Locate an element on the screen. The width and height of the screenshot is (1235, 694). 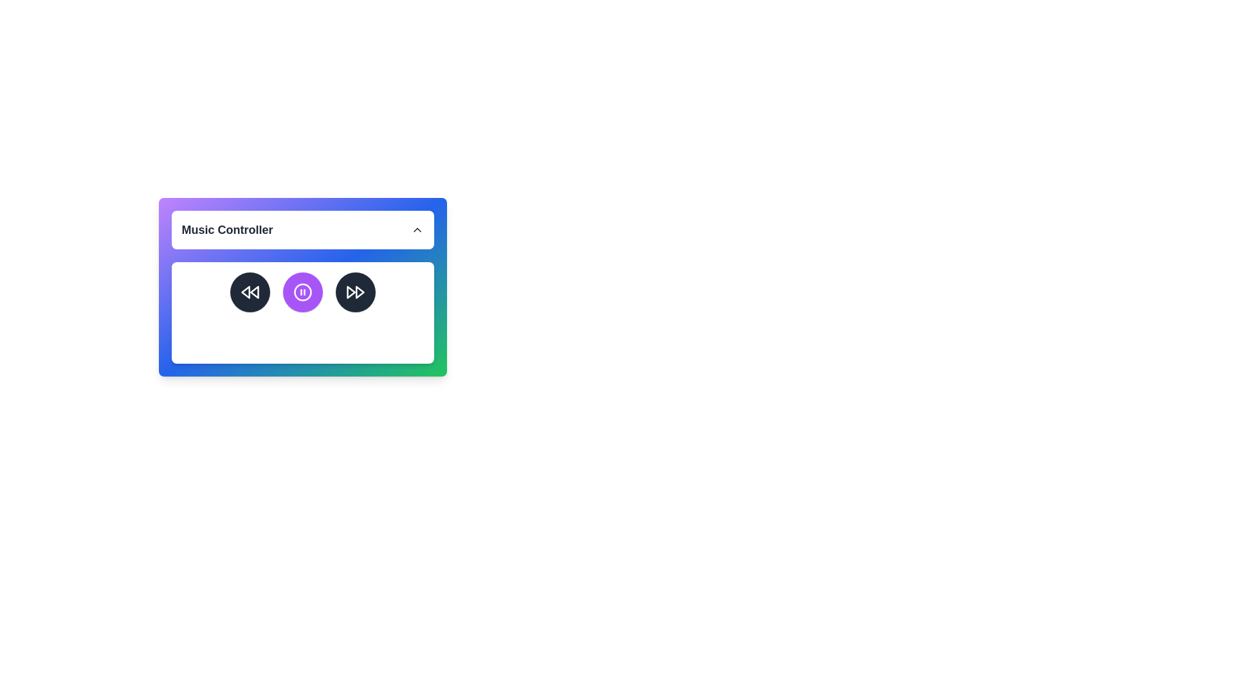
the central button in the control panel to toggle between play and pause states is located at coordinates (302, 292).